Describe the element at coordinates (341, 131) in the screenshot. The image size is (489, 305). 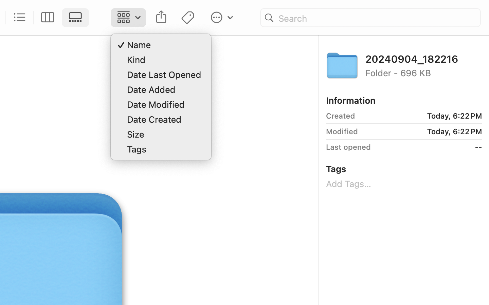
I see `'Modified'` at that location.